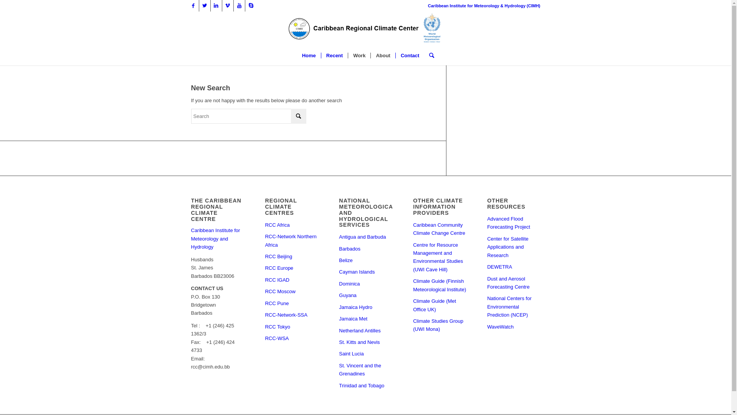  Describe the element at coordinates (291, 280) in the screenshot. I see `'RCC IGAD'` at that location.